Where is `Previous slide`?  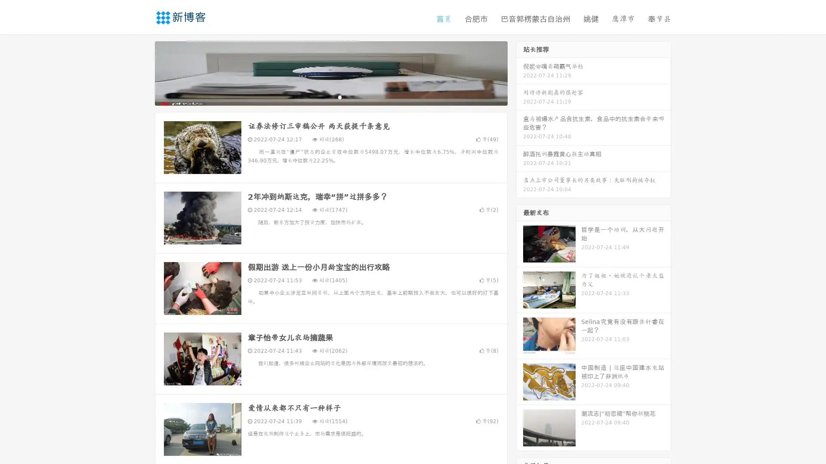
Previous slide is located at coordinates (142, 72).